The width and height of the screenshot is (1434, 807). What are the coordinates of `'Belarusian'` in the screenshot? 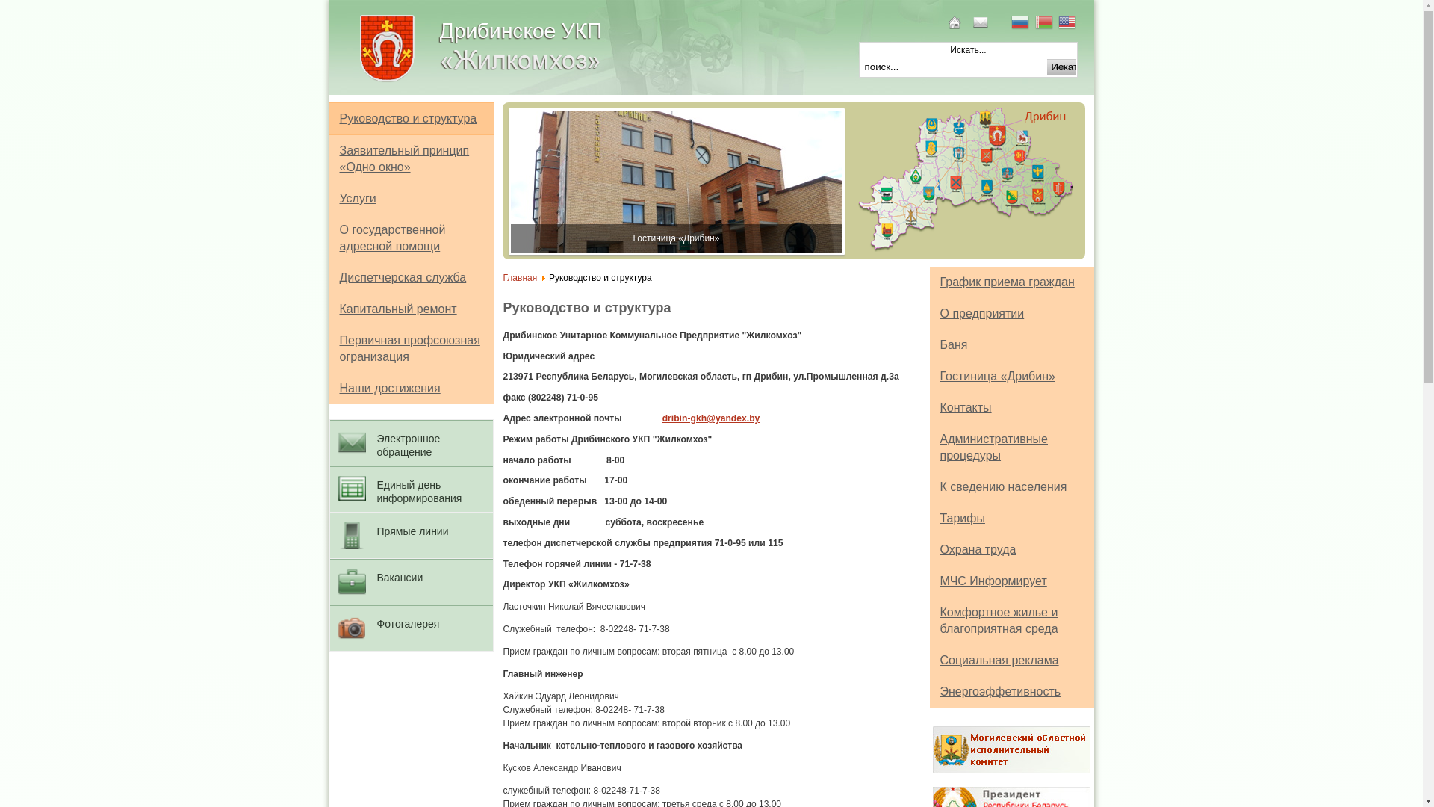 It's located at (1034, 24).